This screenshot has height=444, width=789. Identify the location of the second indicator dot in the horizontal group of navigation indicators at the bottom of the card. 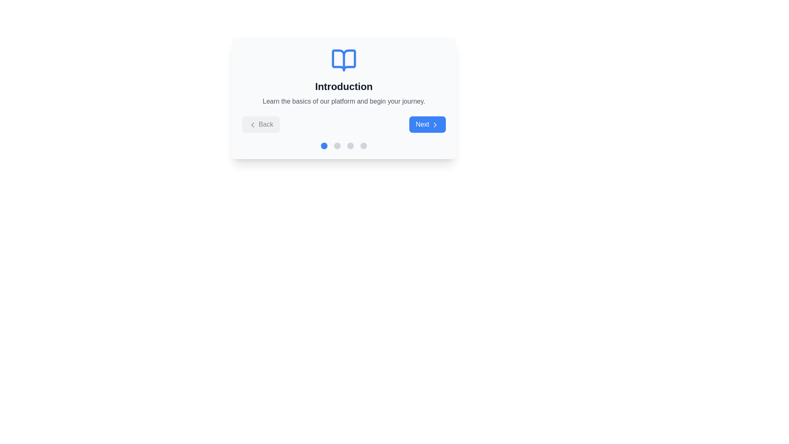
(337, 145).